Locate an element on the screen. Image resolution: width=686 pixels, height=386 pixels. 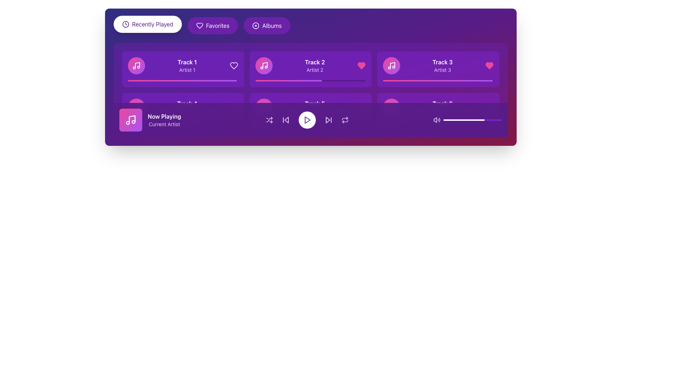
the shuffle icon, which is a purple-tinted icon with crossing arrows located to the left of the play button in the playback controls section is located at coordinates (269, 119).